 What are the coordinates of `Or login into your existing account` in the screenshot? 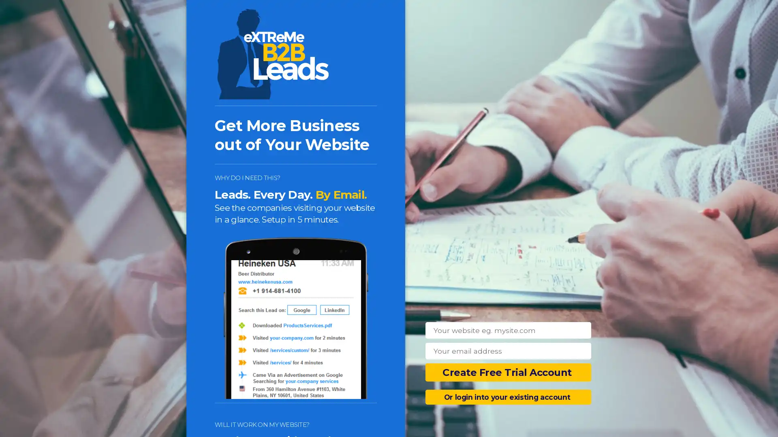 It's located at (508, 397).